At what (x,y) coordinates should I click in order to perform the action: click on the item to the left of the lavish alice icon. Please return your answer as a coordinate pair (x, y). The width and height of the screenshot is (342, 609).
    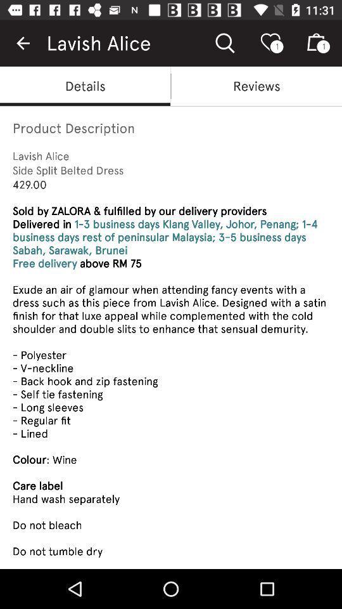
    Looking at the image, I should click on (23, 43).